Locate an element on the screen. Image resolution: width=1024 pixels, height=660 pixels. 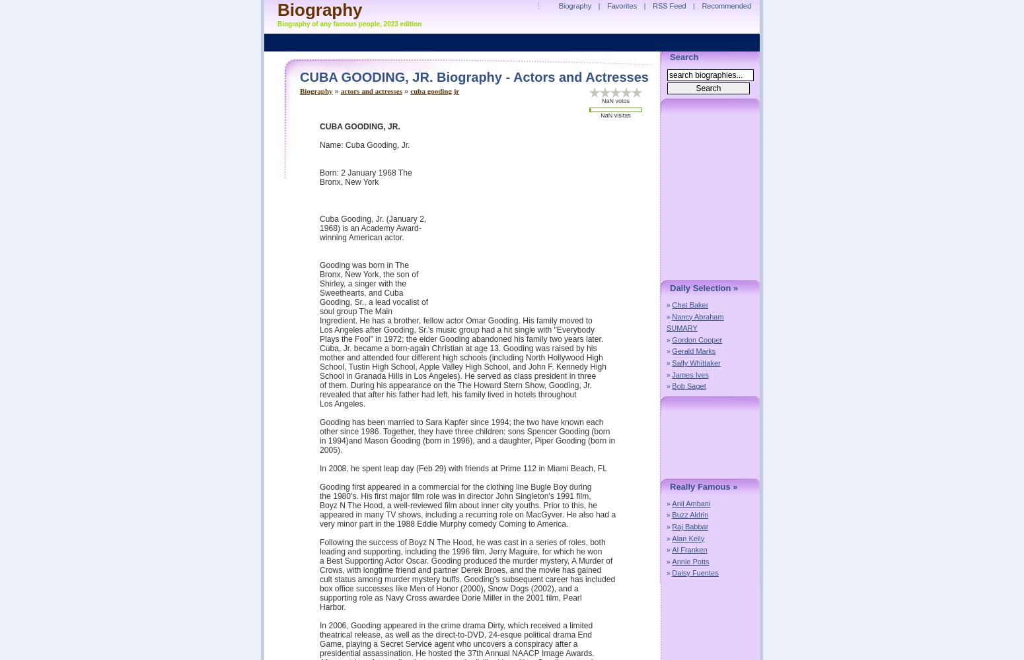
'In 2006, Gooding appeared in the crime drama Dirty, which received a limited' is located at coordinates (319, 625).